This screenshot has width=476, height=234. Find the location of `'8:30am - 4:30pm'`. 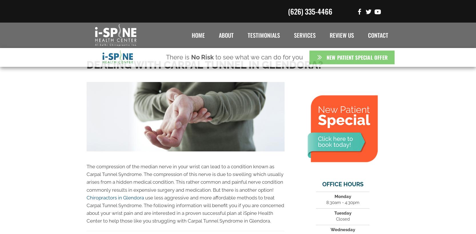

'8:30am - 4:30pm' is located at coordinates (326, 202).